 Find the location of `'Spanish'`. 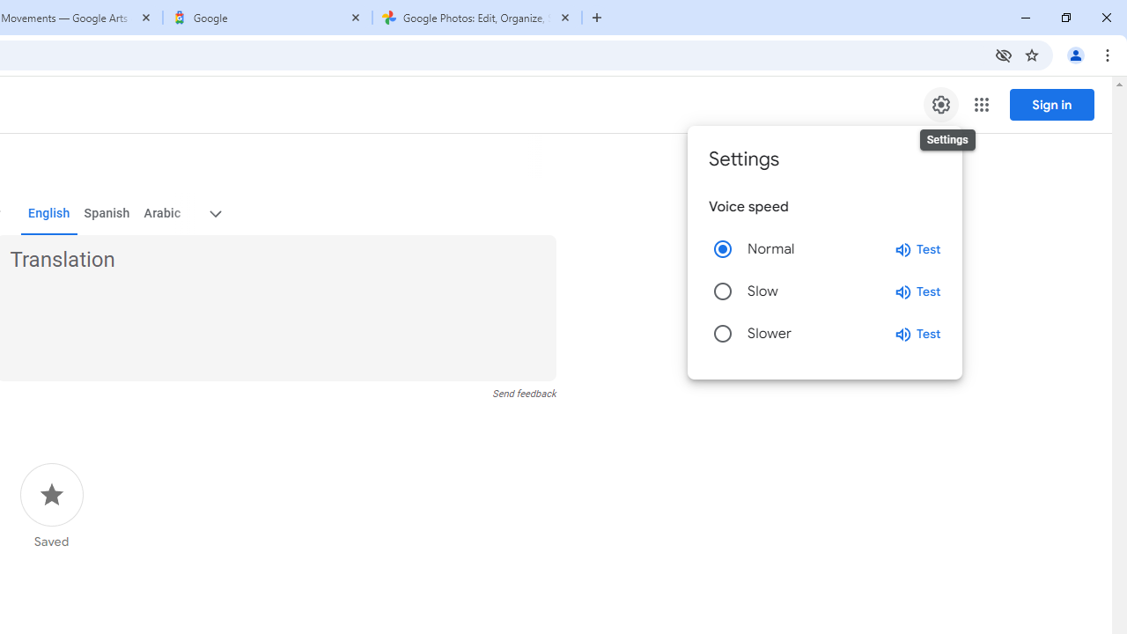

'Spanish' is located at coordinates (106, 213).